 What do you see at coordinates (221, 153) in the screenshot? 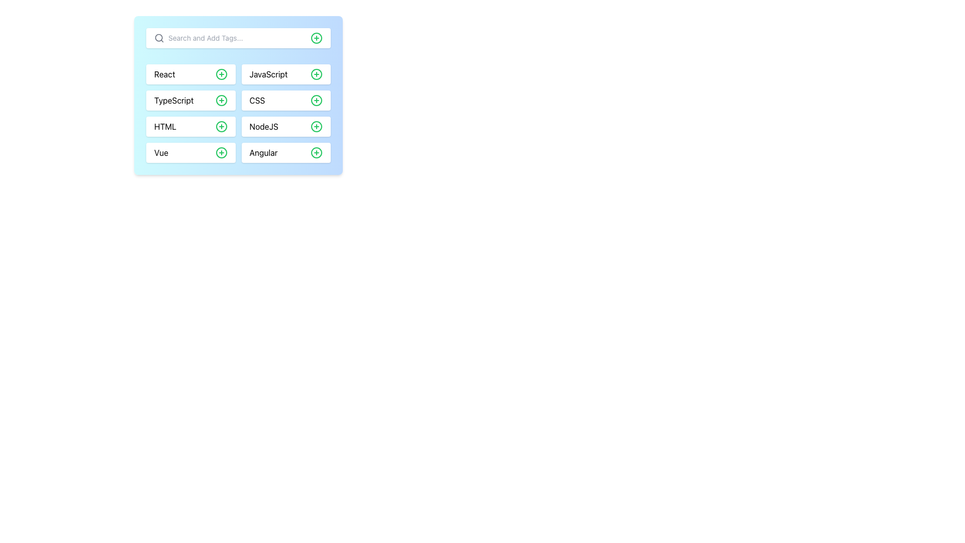
I see `SVG circle element with a green stroke located near the 'Vue' tag in the bottom row of tags` at bounding box center [221, 153].